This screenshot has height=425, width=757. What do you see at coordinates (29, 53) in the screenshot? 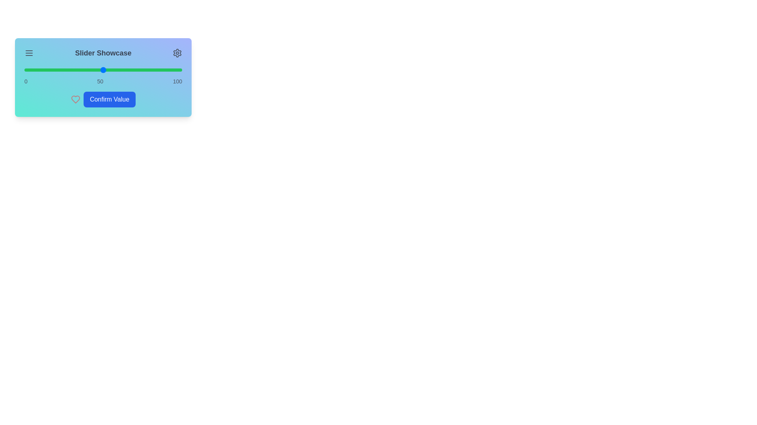
I see `the Menu icon` at bounding box center [29, 53].